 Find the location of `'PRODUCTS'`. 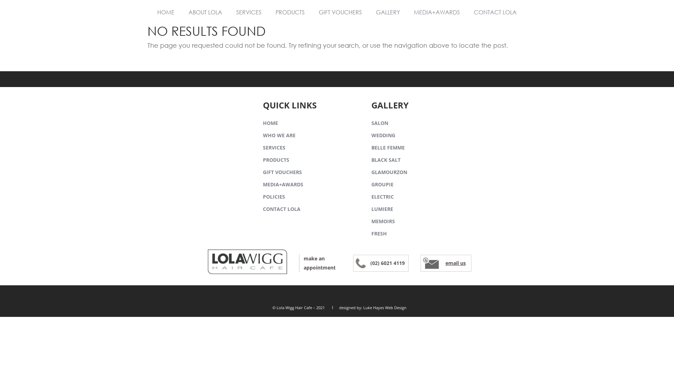

'PRODUCTS' is located at coordinates (268, 12).